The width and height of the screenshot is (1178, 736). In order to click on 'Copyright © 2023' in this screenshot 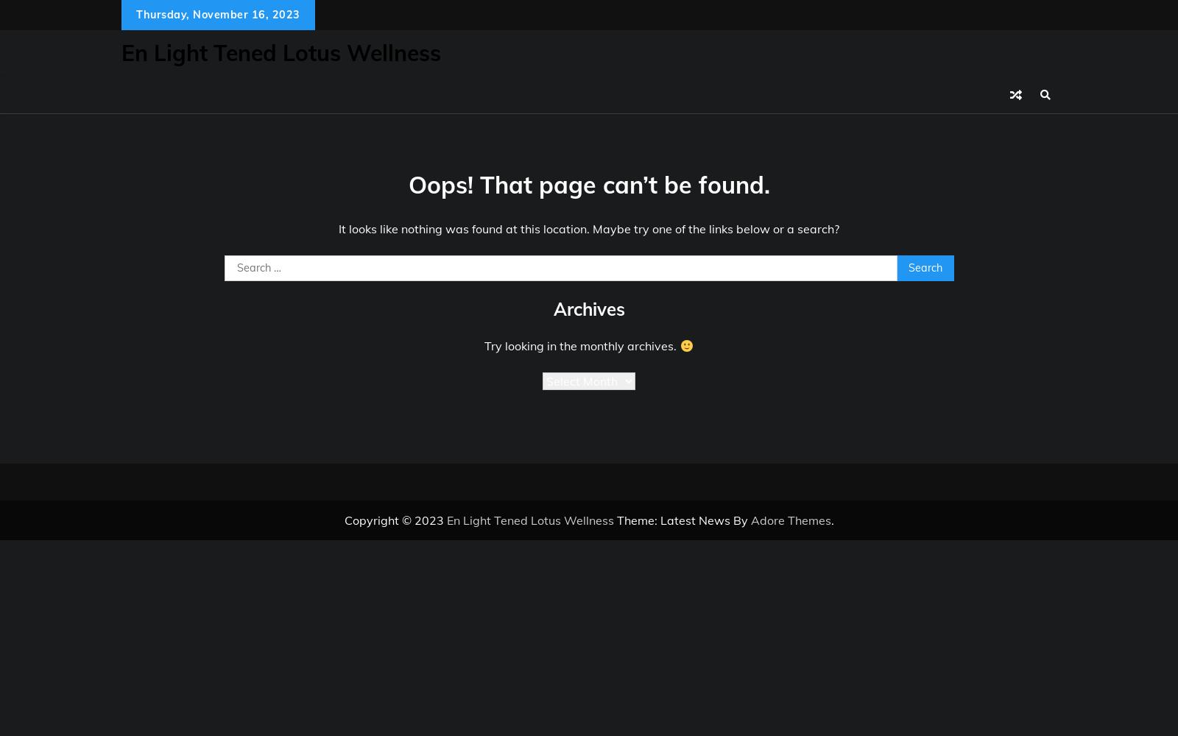, I will do `click(394, 520)`.